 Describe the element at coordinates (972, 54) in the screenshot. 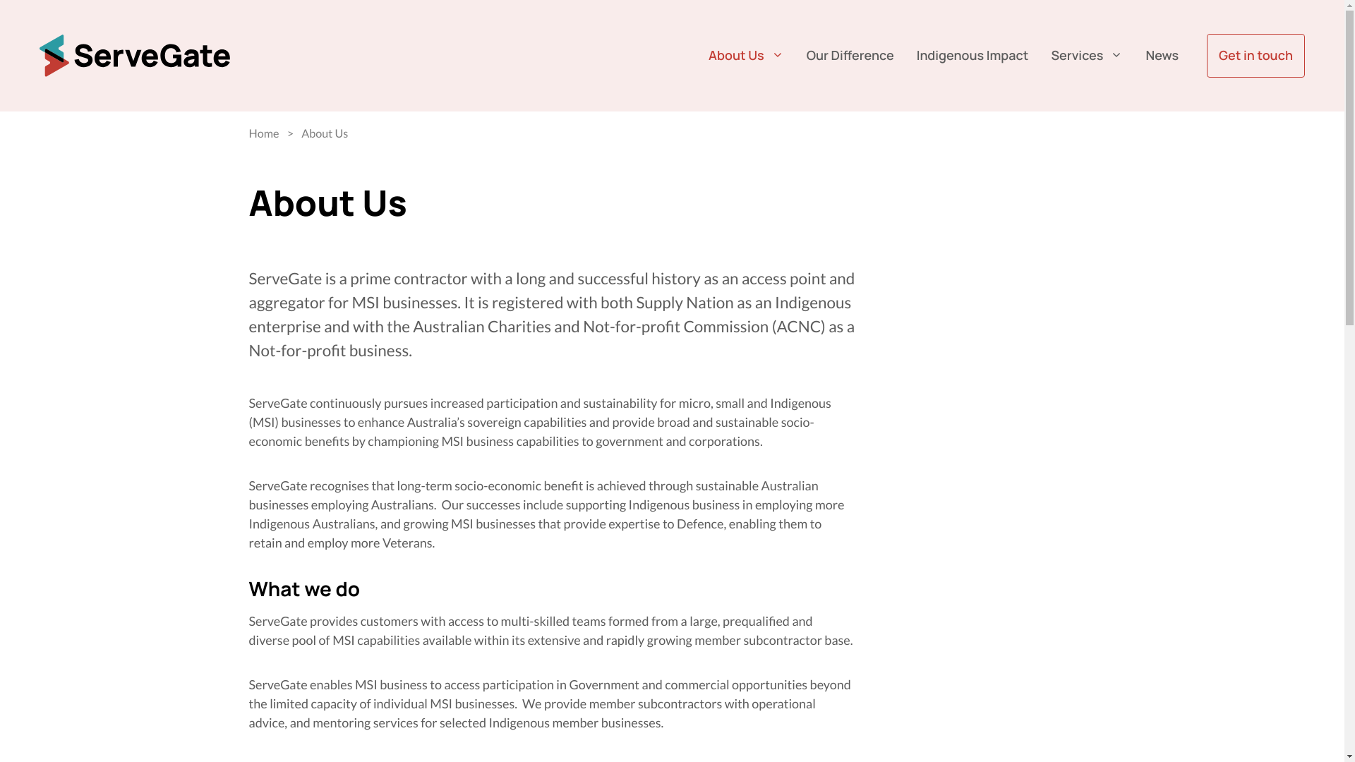

I see `'Indigenous Impact'` at that location.